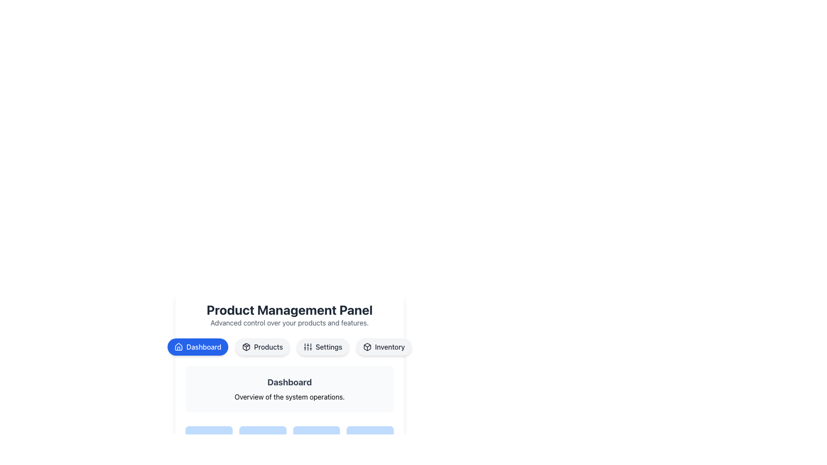  Describe the element at coordinates (289, 322) in the screenshot. I see `the static text that provides additional details about the 'Product Management Panel' title, which is centered horizontally below it` at that location.